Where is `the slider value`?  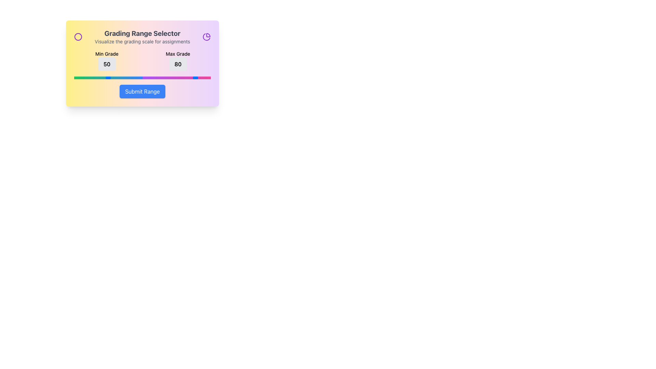 the slider value is located at coordinates (84, 77).